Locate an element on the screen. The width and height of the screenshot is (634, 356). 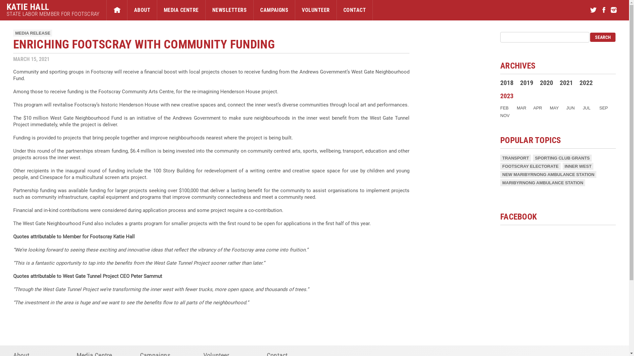
'ABOUT' is located at coordinates (142, 10).